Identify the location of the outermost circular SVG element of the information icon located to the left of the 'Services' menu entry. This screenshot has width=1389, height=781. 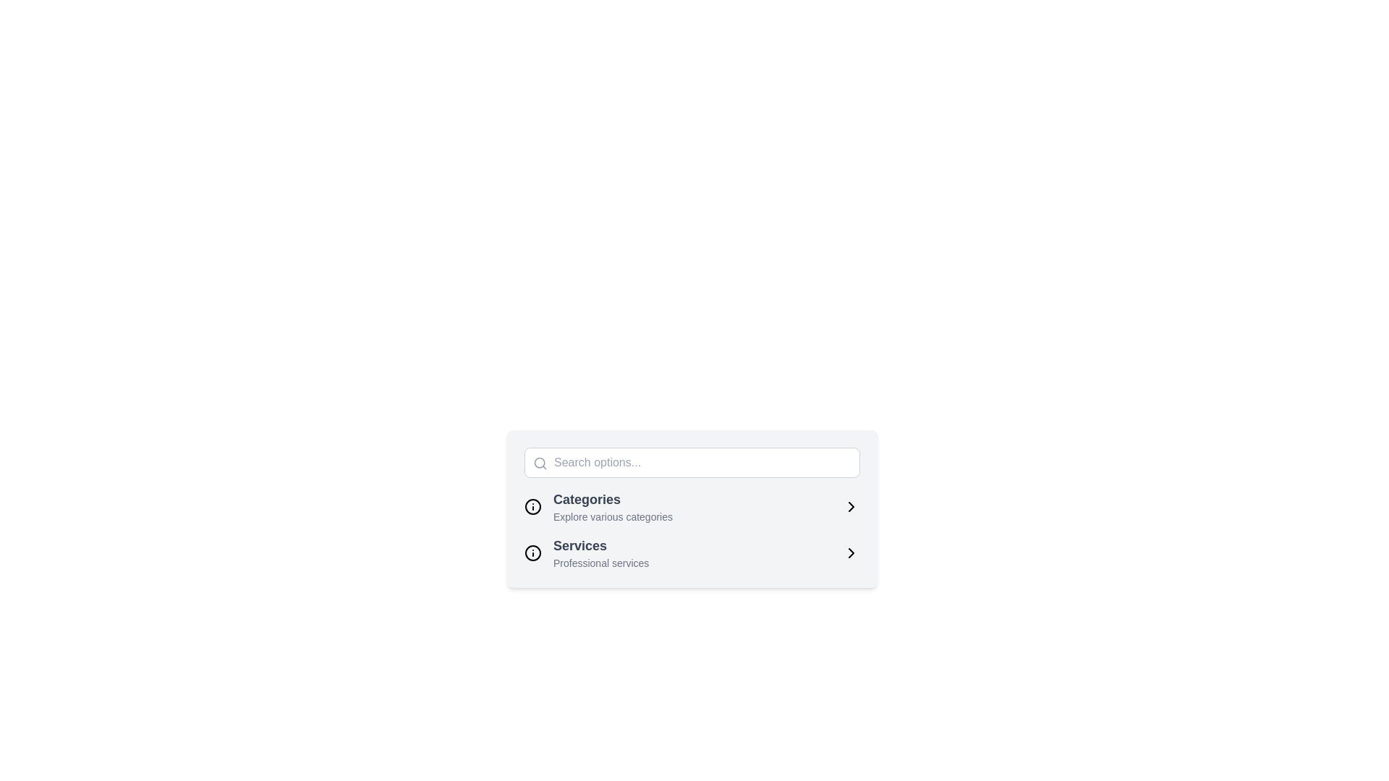
(532, 506).